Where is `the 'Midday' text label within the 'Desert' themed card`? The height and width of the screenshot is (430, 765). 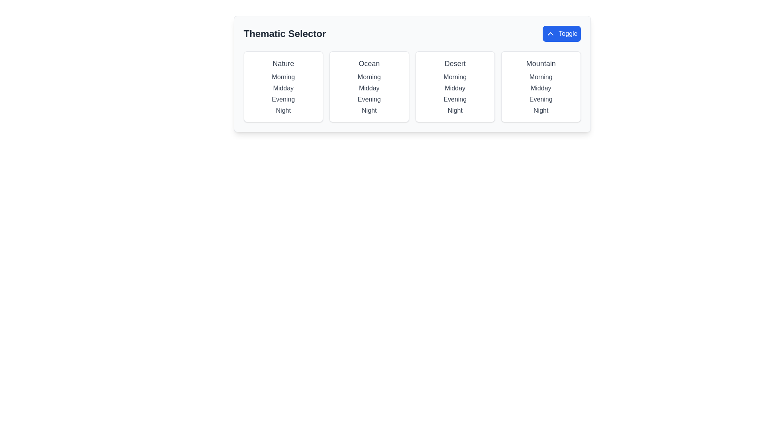
the 'Midday' text label within the 'Desert' themed card is located at coordinates (455, 88).